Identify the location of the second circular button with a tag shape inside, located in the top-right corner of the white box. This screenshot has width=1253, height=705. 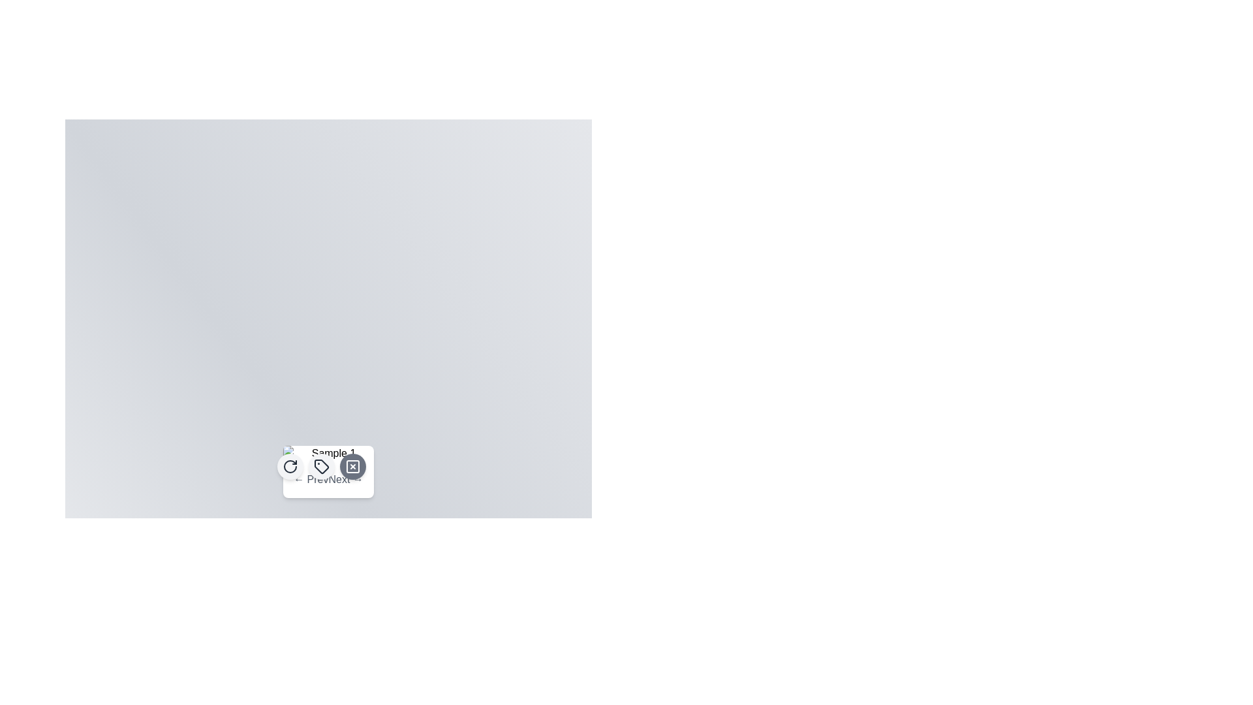
(321, 465).